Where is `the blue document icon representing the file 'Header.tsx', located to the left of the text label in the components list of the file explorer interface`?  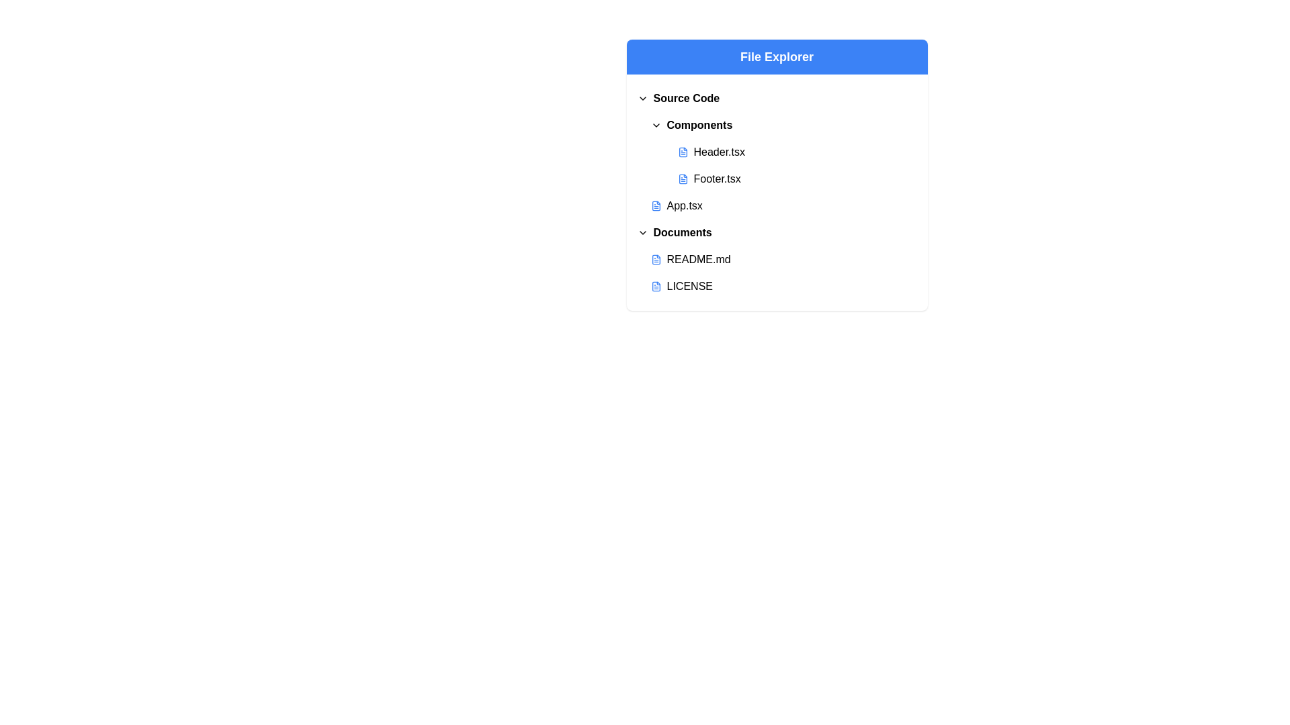 the blue document icon representing the file 'Header.tsx', located to the left of the text label in the components list of the file explorer interface is located at coordinates (683, 152).